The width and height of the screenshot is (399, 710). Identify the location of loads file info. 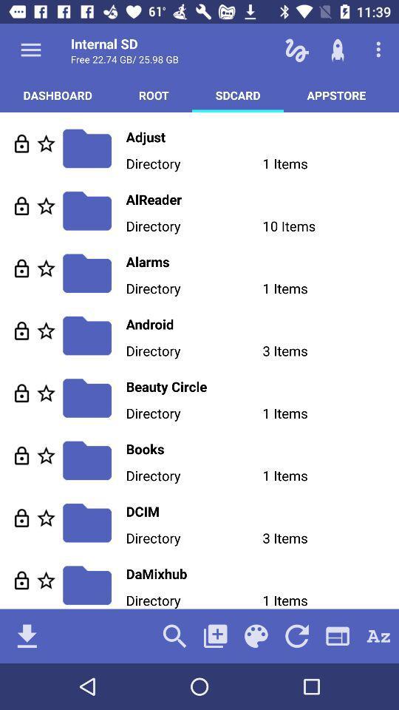
(21, 580).